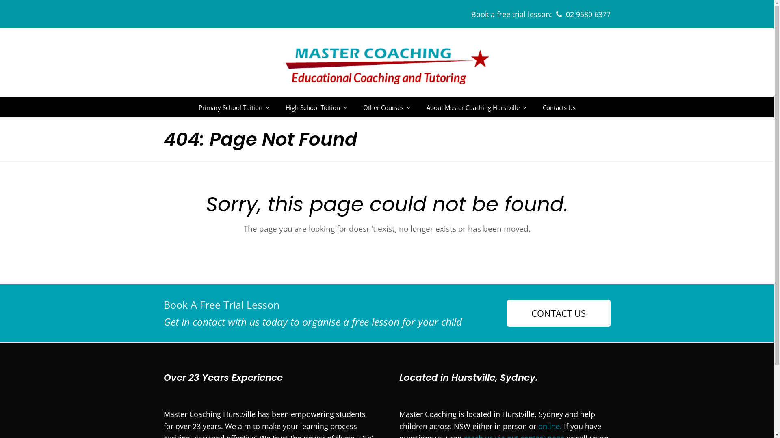 The image size is (780, 438). What do you see at coordinates (476, 106) in the screenshot?
I see `'About Master Coaching Hurstville'` at bounding box center [476, 106].